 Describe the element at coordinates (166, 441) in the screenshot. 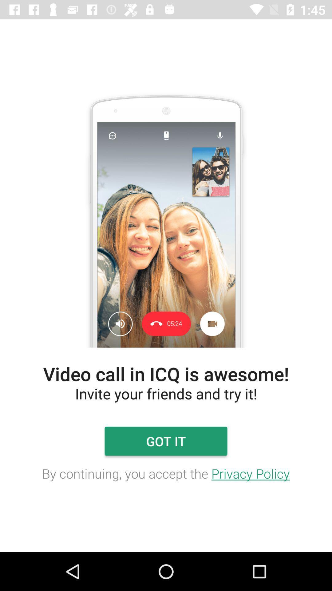

I see `the icon above by continuing you icon` at that location.